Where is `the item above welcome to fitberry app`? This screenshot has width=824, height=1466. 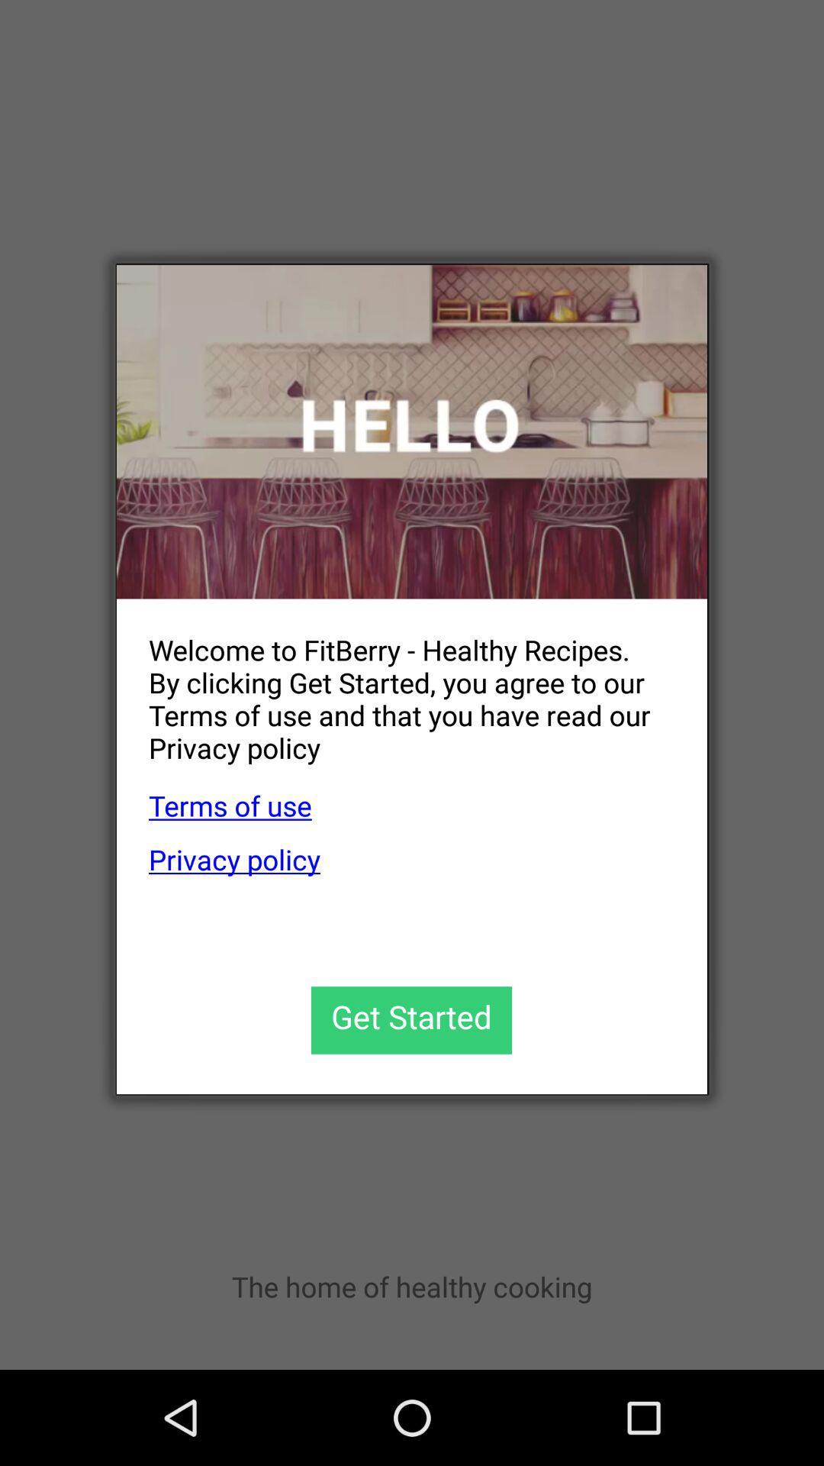
the item above welcome to fitberry app is located at coordinates (412, 431).